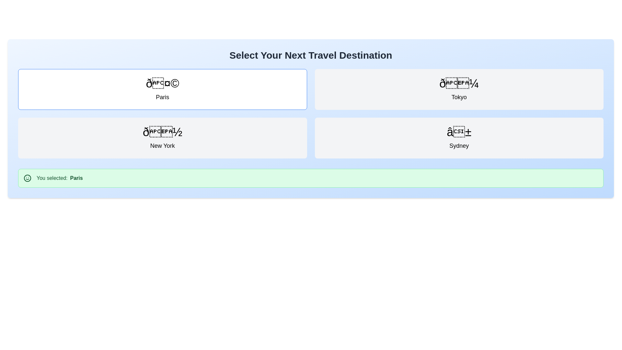 Image resolution: width=622 pixels, height=350 pixels. Describe the element at coordinates (459, 83) in the screenshot. I see `the text-based icon representing 'Tokyo', located near the top-right corner of the page` at that location.